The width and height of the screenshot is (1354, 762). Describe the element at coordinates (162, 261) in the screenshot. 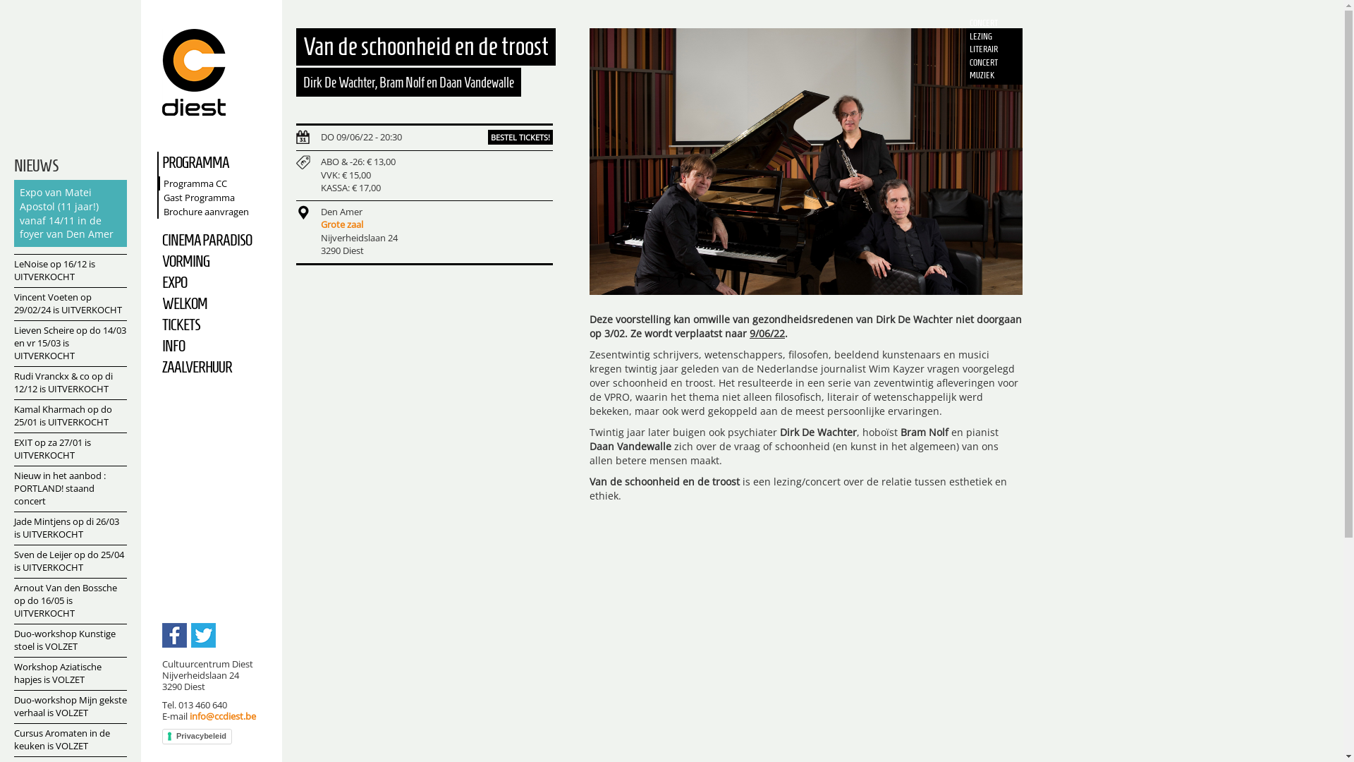

I see `'VORMING'` at that location.